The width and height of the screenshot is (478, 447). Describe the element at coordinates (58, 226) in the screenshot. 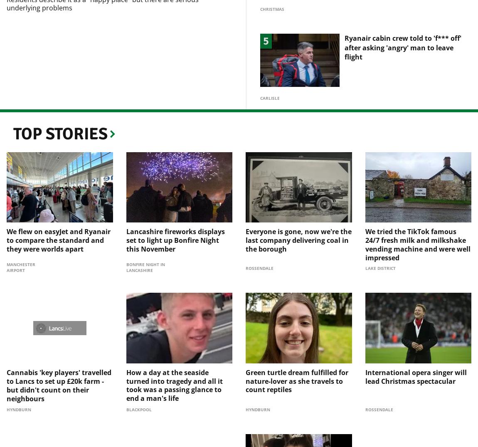

I see `'We flew on easyJet and Ryanair to compare the standard and they were worlds apart'` at that location.